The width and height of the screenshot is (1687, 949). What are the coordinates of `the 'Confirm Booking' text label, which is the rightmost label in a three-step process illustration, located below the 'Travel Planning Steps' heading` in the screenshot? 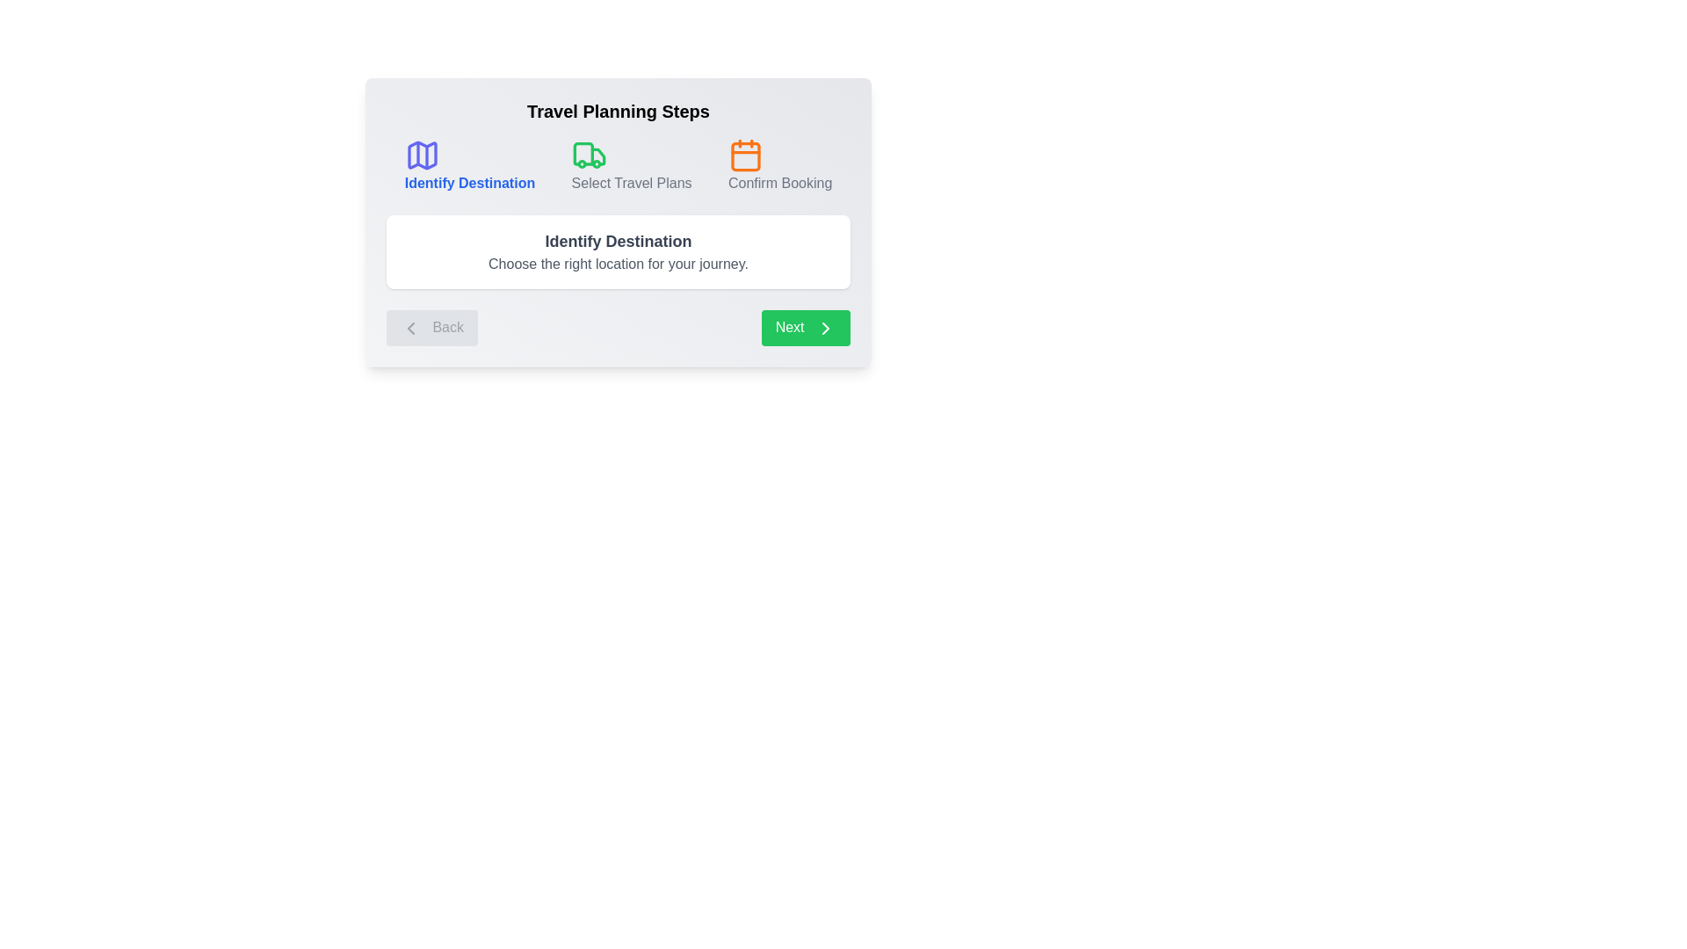 It's located at (779, 183).